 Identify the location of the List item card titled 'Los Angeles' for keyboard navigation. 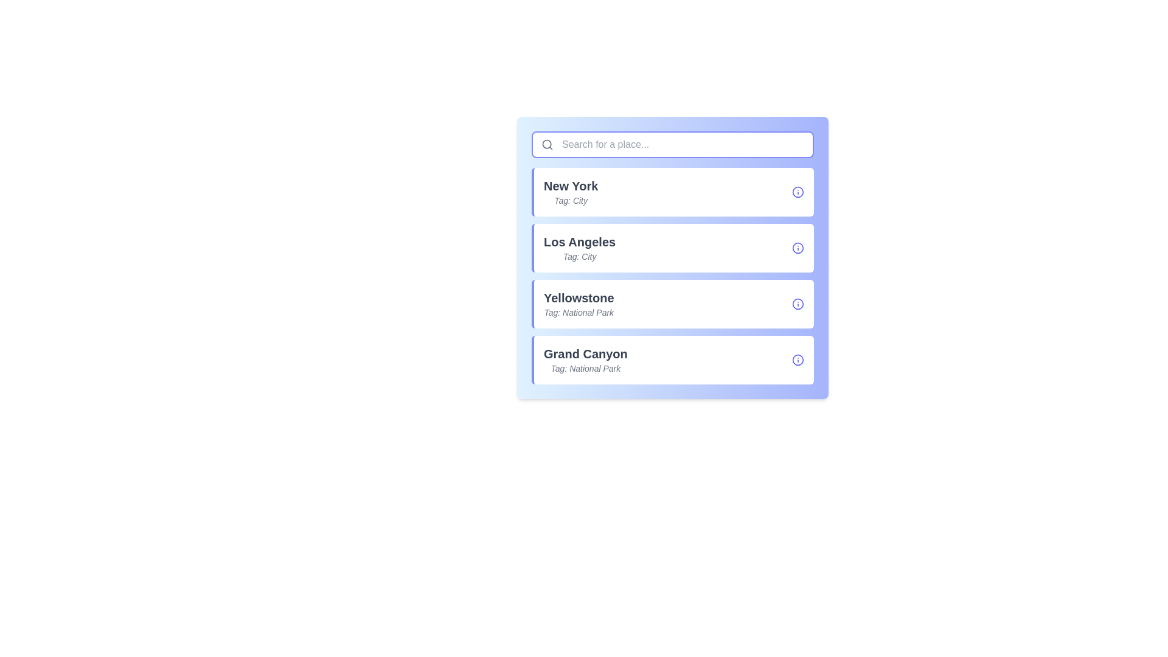
(672, 248).